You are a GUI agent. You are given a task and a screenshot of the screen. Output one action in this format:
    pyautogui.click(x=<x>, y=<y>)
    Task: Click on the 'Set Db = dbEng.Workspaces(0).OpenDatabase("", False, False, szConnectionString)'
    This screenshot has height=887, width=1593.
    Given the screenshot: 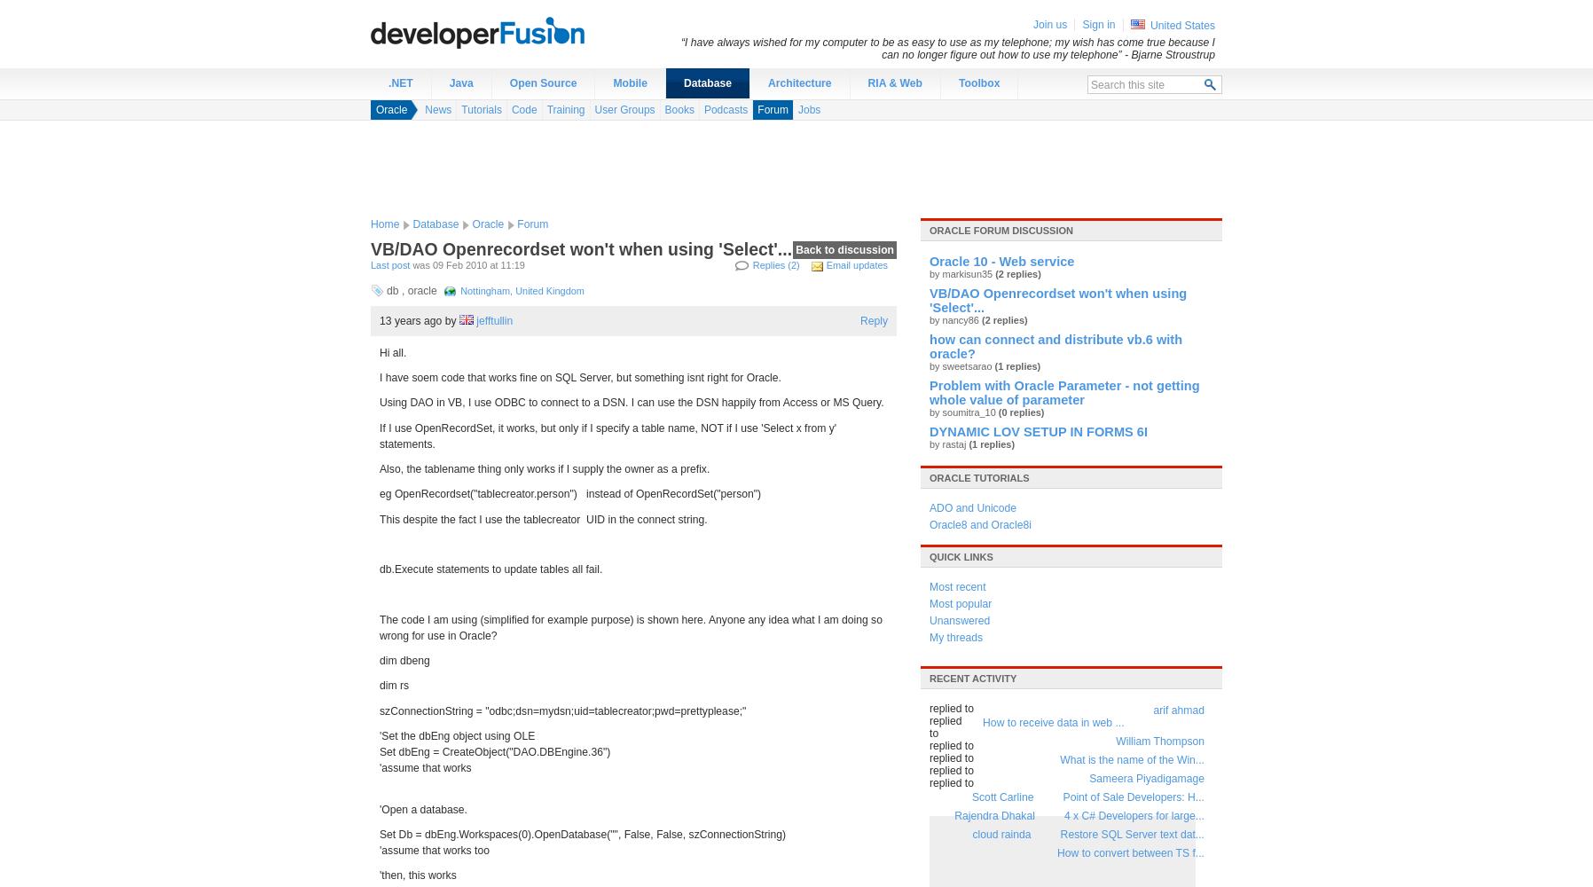 What is the action you would take?
    pyautogui.click(x=581, y=833)
    